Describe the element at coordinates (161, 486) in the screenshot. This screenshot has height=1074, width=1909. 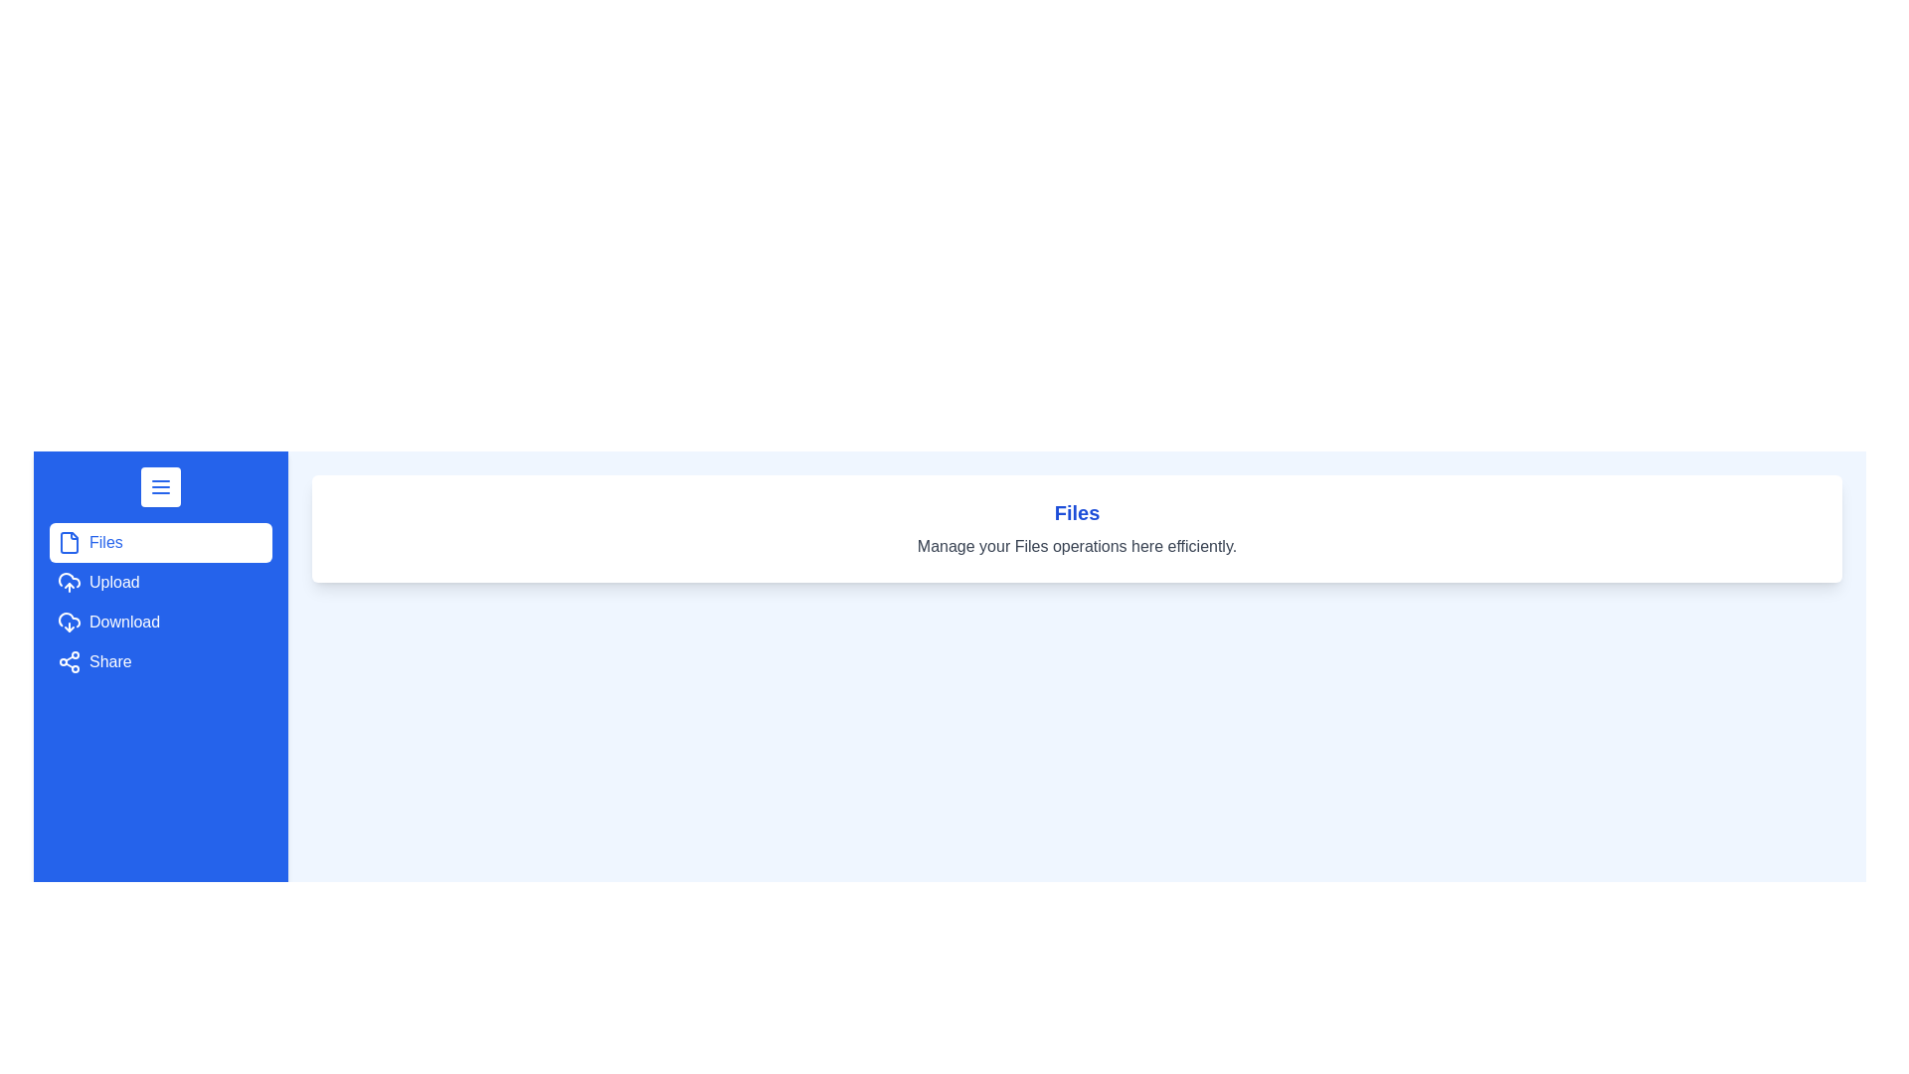
I see `toggle button to change the drawer state` at that location.